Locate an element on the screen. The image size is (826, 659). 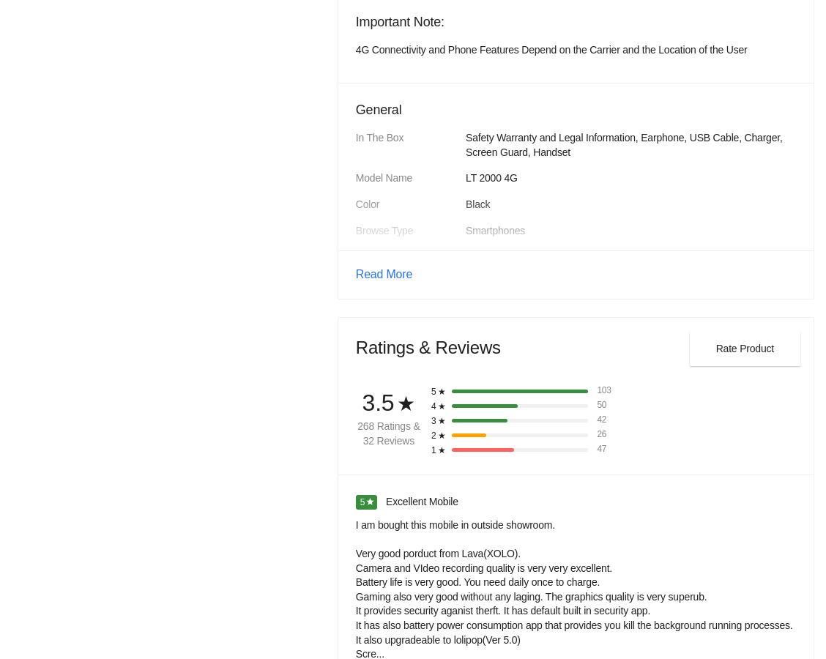
'Browse Type' is located at coordinates (384, 229).